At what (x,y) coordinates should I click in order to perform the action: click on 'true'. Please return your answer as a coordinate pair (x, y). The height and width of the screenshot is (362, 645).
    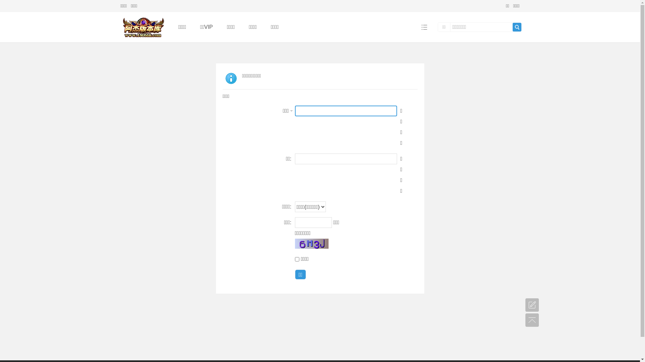
    Looking at the image, I should click on (517, 27).